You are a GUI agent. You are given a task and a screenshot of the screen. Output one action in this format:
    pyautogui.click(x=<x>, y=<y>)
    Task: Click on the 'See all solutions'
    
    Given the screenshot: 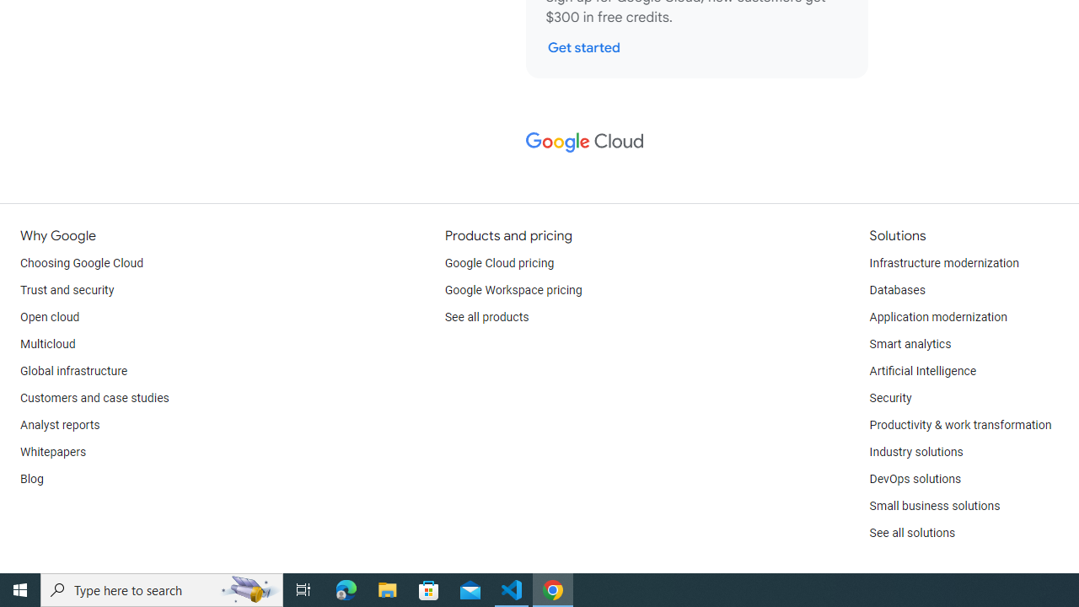 What is the action you would take?
    pyautogui.click(x=911, y=533)
    